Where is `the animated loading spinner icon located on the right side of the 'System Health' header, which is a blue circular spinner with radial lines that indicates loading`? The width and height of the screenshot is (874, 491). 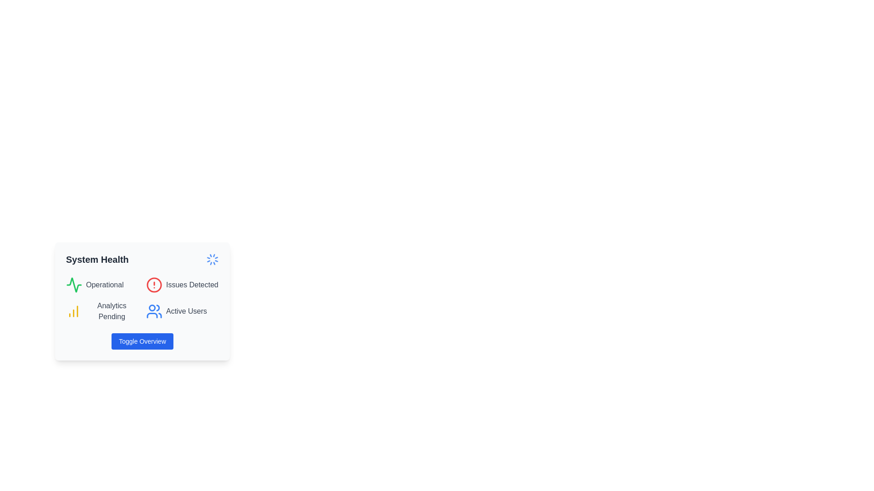
the animated loading spinner icon located on the right side of the 'System Health' header, which is a blue circular spinner with radial lines that indicates loading is located at coordinates (212, 259).